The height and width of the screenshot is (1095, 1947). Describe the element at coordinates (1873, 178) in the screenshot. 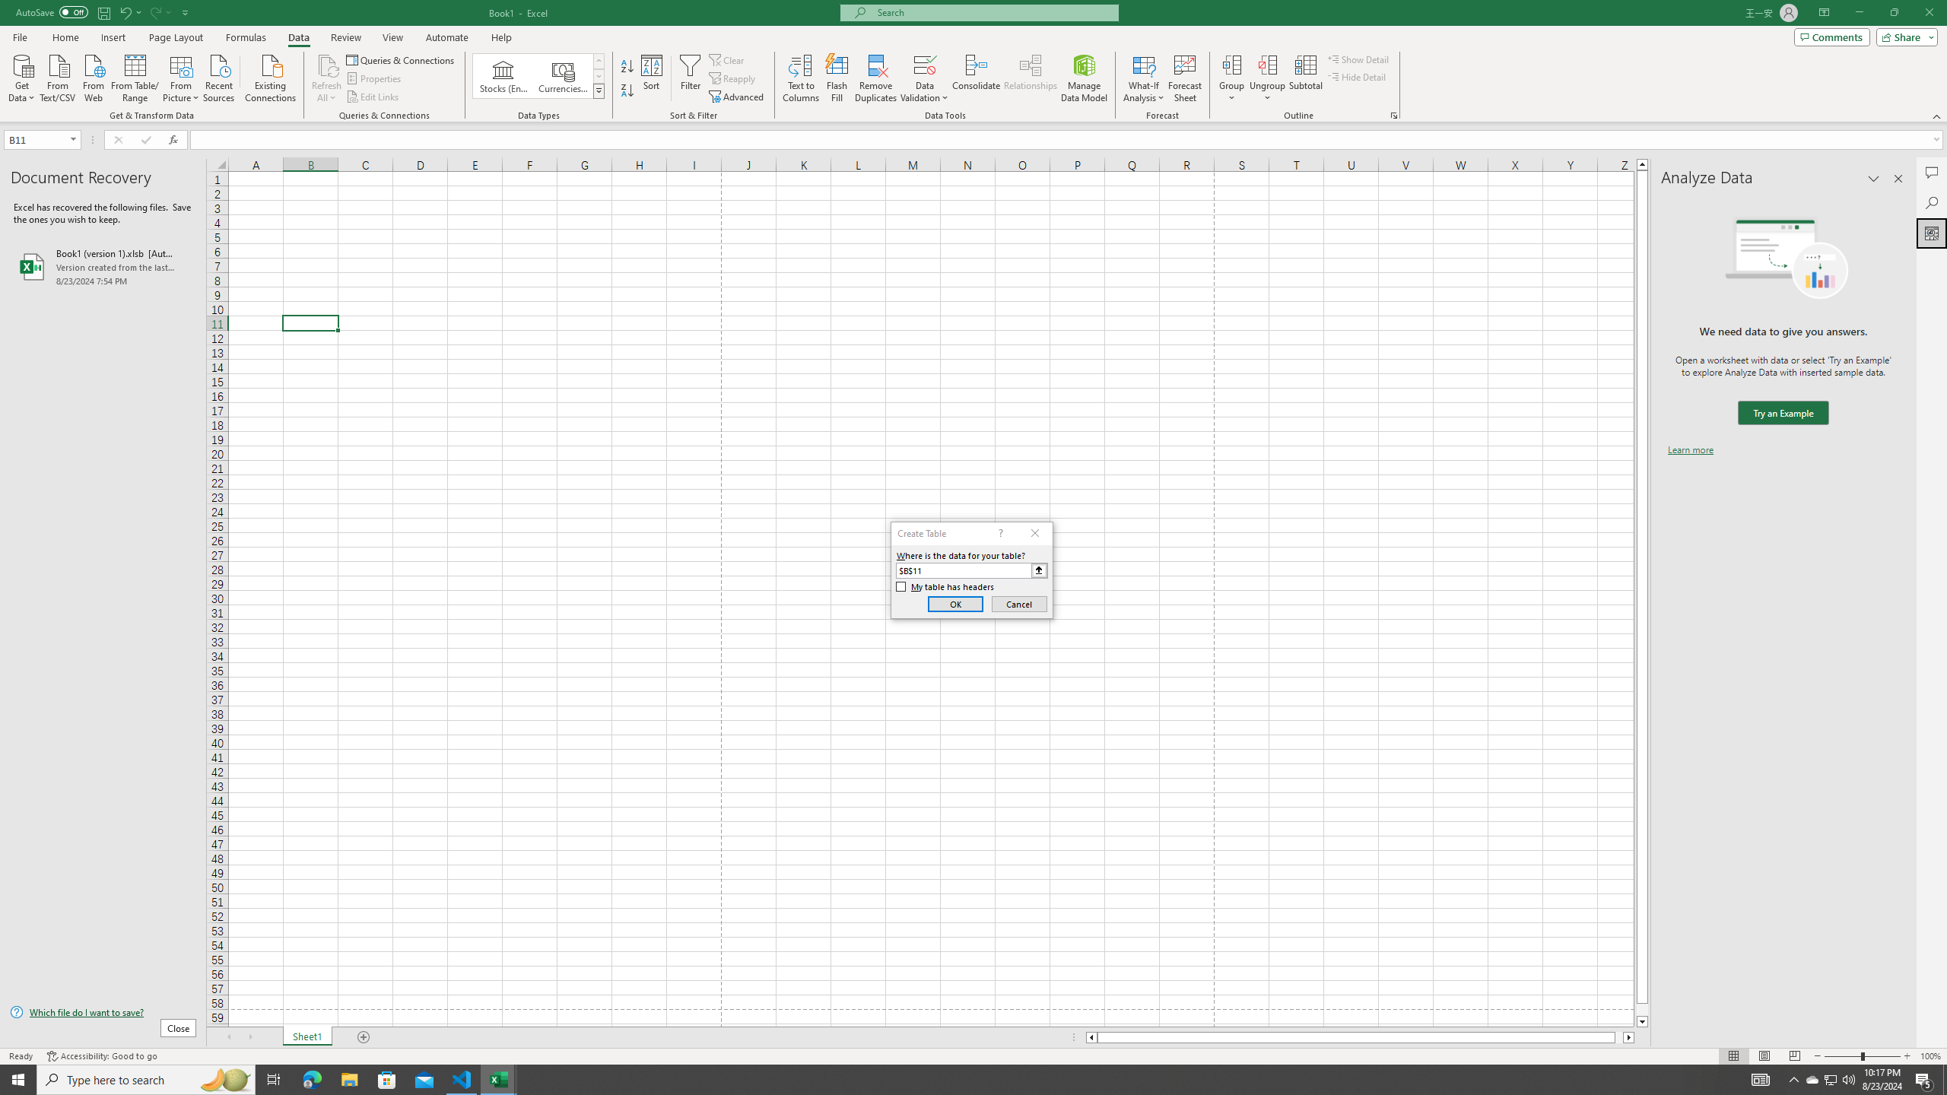

I see `'Task Pane Options'` at that location.